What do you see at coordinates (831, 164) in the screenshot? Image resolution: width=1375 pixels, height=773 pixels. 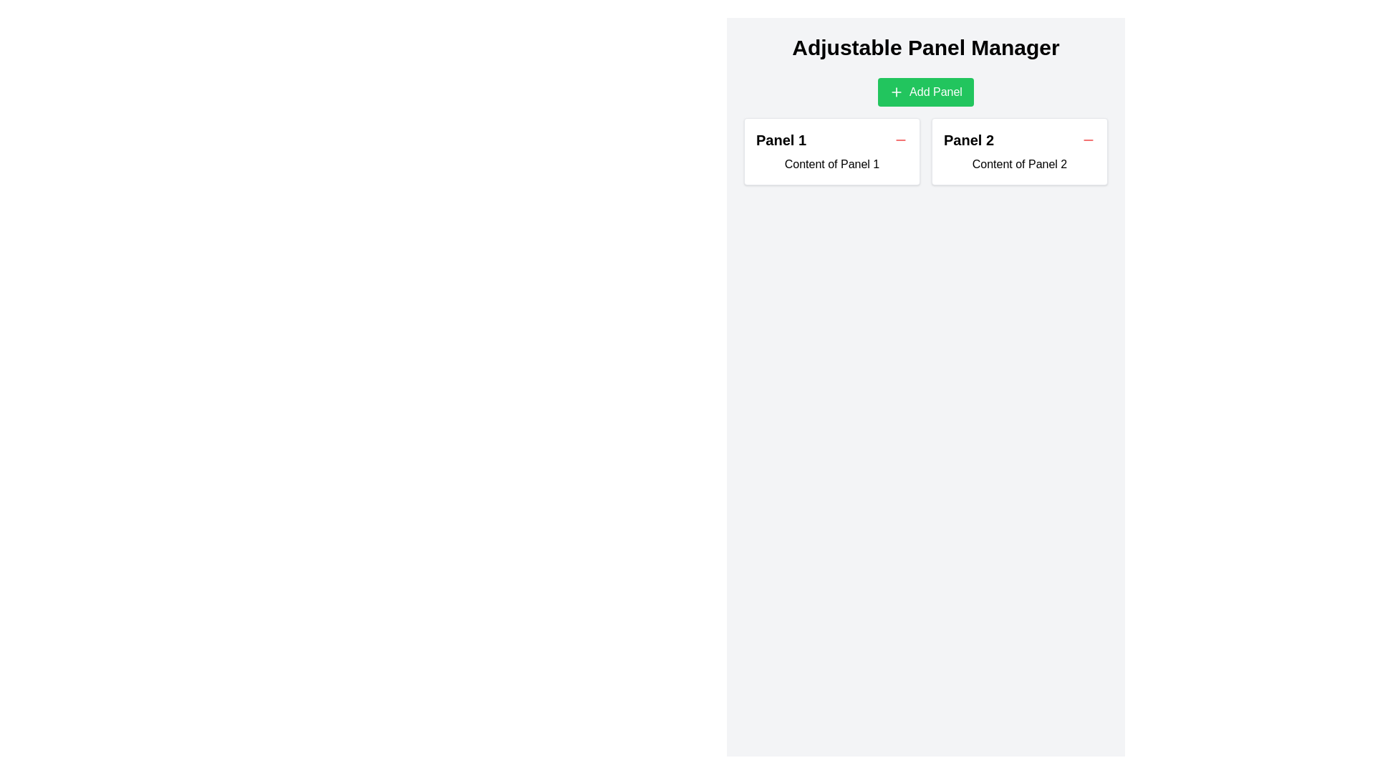 I see `the static text display containing the text 'Content of Panel 1' within the card-like box with a white background, located in the 'Panel 1' section` at bounding box center [831, 164].